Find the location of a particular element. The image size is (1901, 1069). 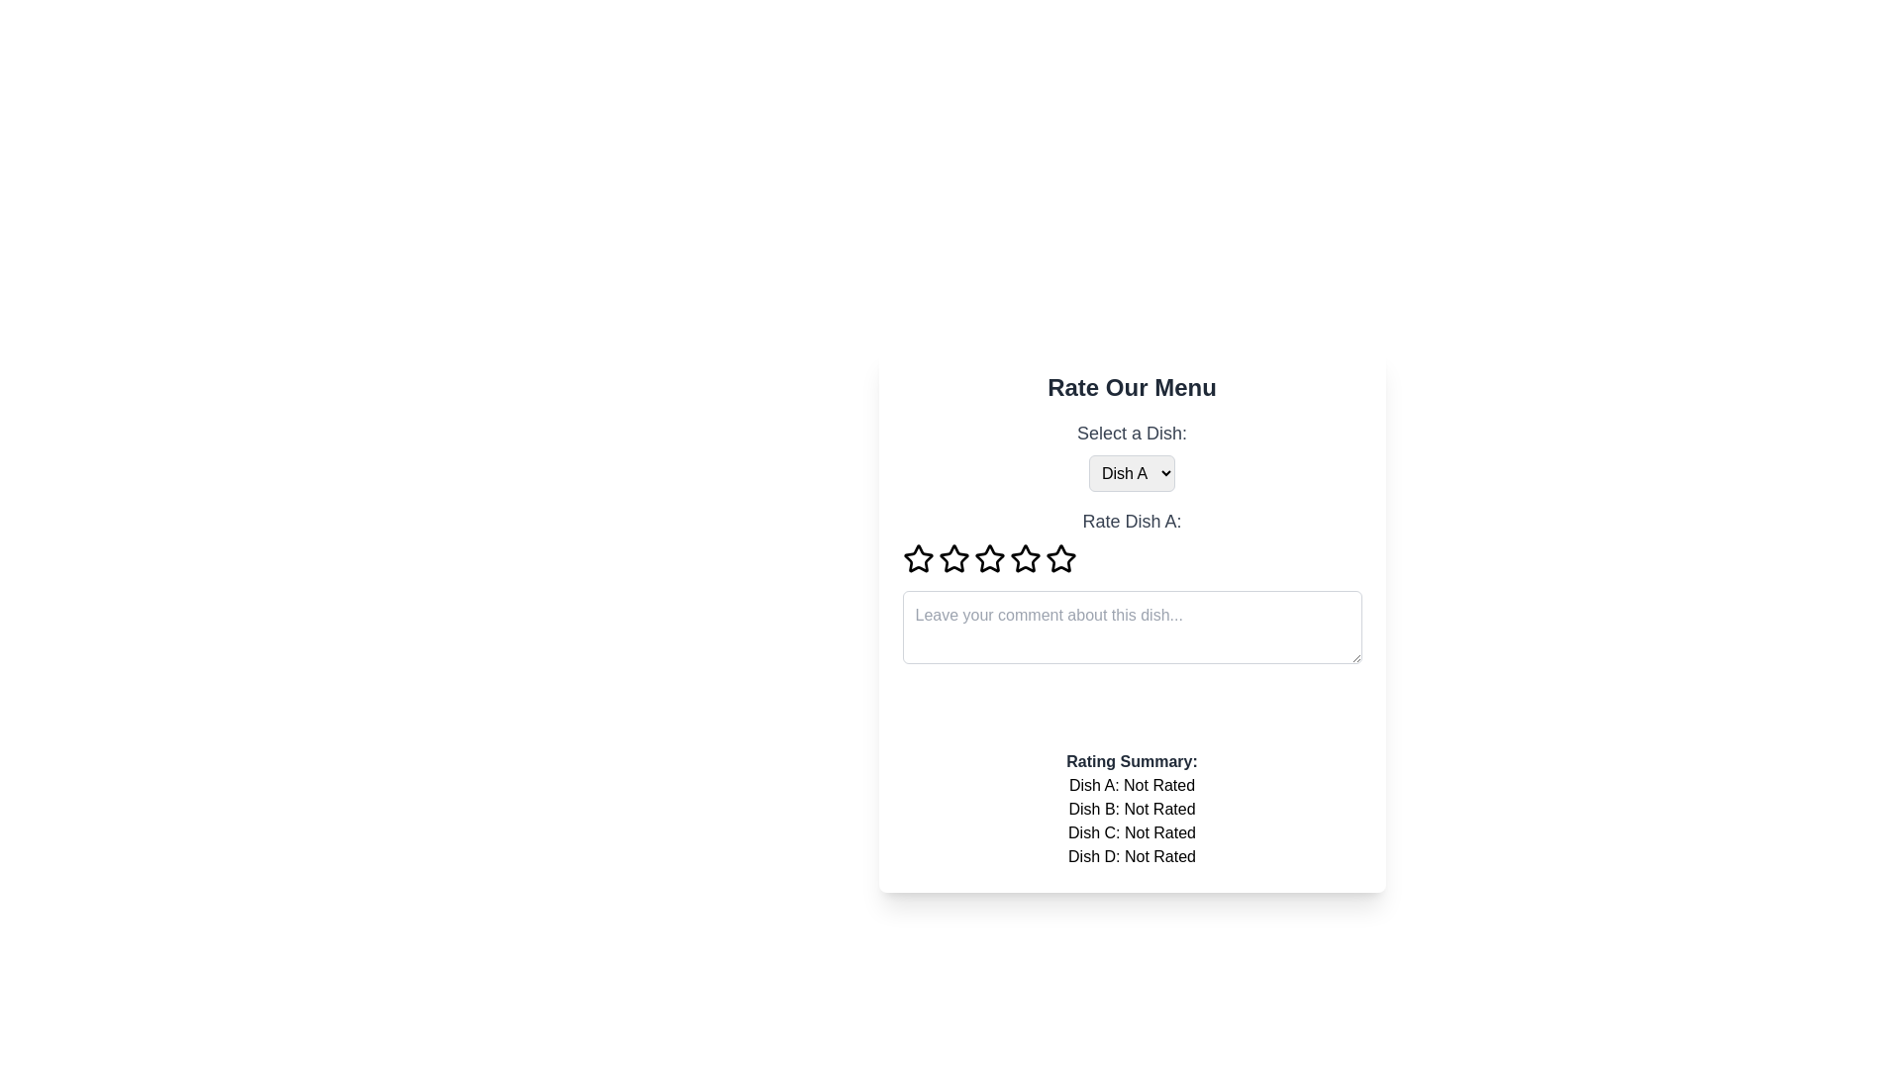

the text label that indicates the rating status of 'Dish A', which is the first item listed under the 'Rating Summary:' section and shows it has not been rated yet is located at coordinates (1132, 785).